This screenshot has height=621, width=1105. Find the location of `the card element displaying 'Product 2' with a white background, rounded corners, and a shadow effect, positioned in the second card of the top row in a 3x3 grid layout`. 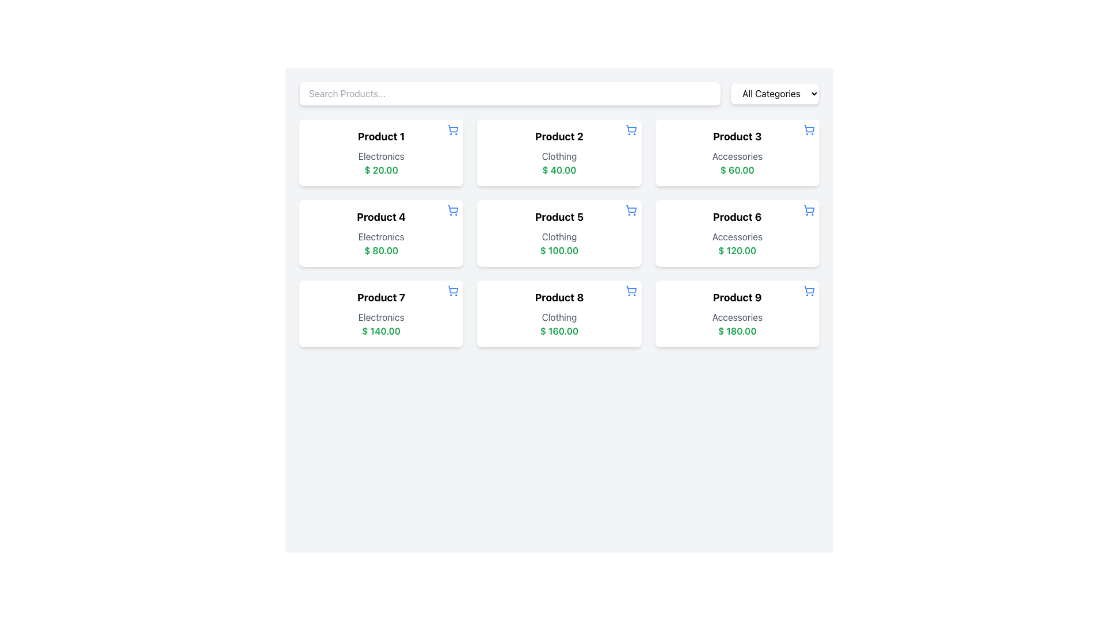

the card element displaying 'Product 2' with a white background, rounded corners, and a shadow effect, positioned in the second card of the top row in a 3x3 grid layout is located at coordinates (559, 152).